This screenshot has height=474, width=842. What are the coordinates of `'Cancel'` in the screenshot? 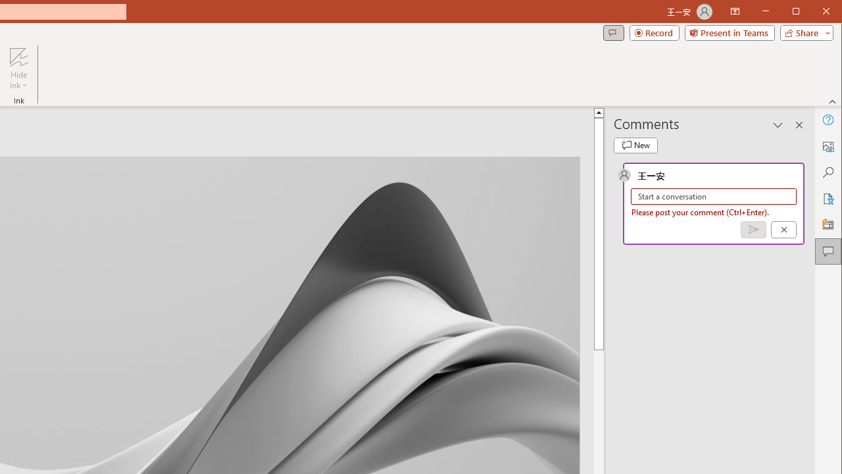 It's located at (783, 229).